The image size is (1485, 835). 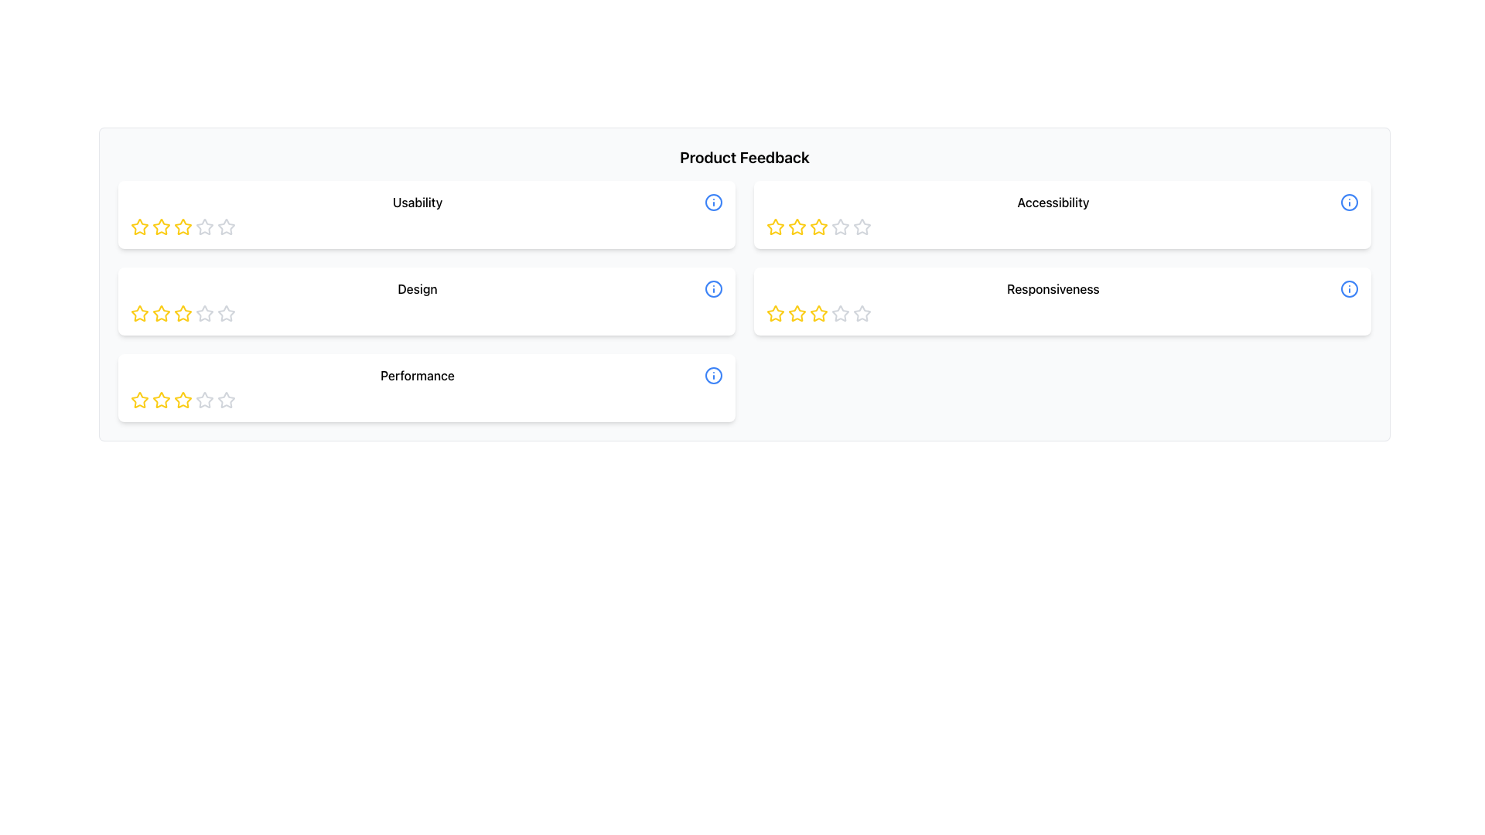 I want to click on the first Rating Star icon representing the 'Responsiveness' category, so click(x=776, y=313).